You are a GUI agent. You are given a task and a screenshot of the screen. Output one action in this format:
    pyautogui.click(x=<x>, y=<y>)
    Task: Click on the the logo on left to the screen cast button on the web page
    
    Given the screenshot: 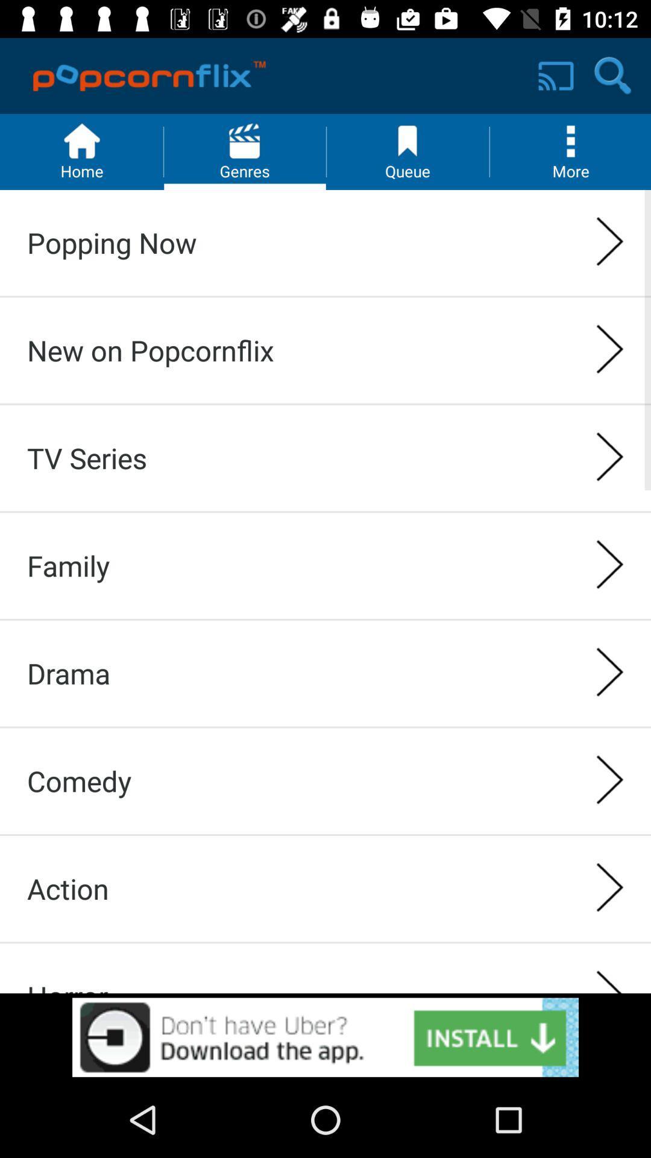 What is the action you would take?
    pyautogui.click(x=149, y=75)
    